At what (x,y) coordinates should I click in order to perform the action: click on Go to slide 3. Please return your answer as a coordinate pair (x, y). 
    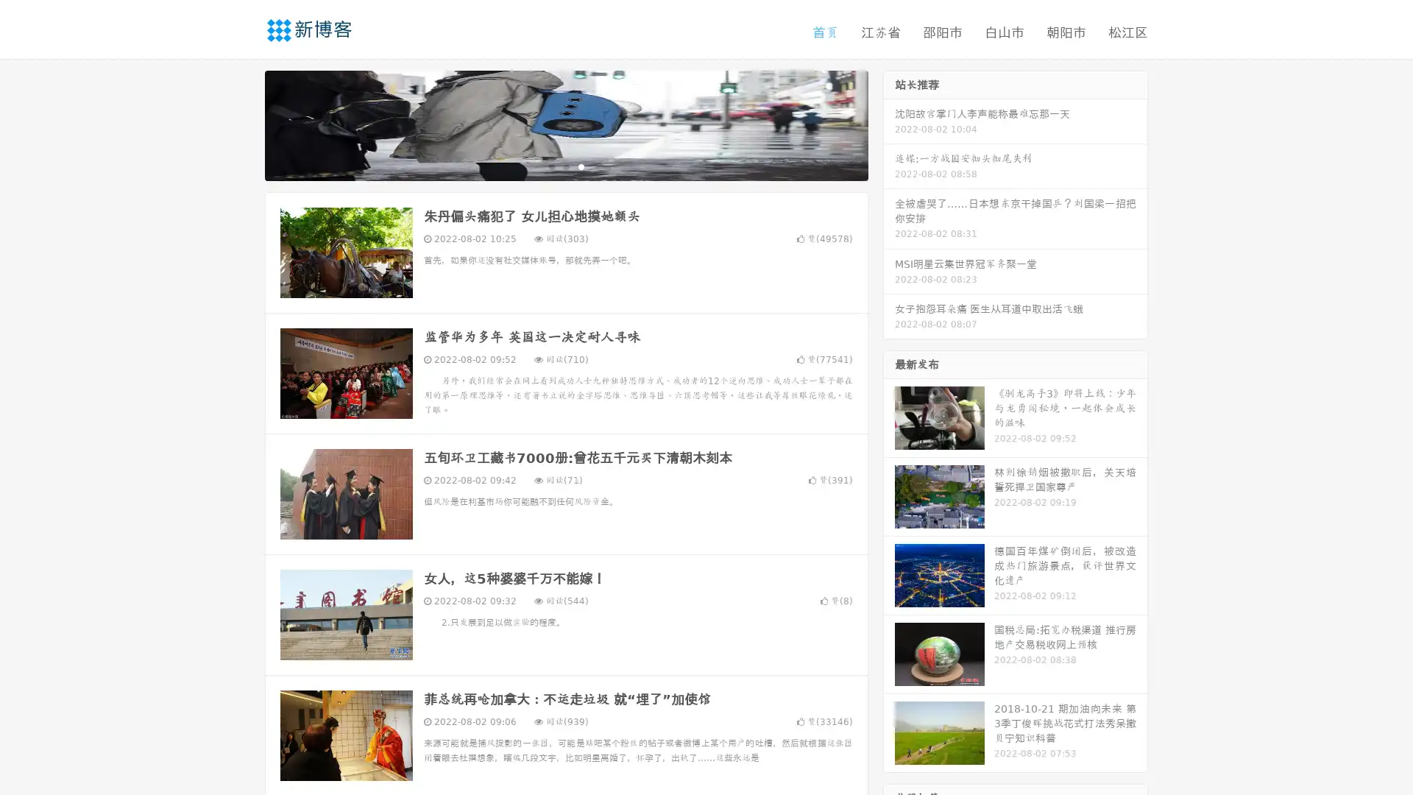
    Looking at the image, I should click on (581, 166).